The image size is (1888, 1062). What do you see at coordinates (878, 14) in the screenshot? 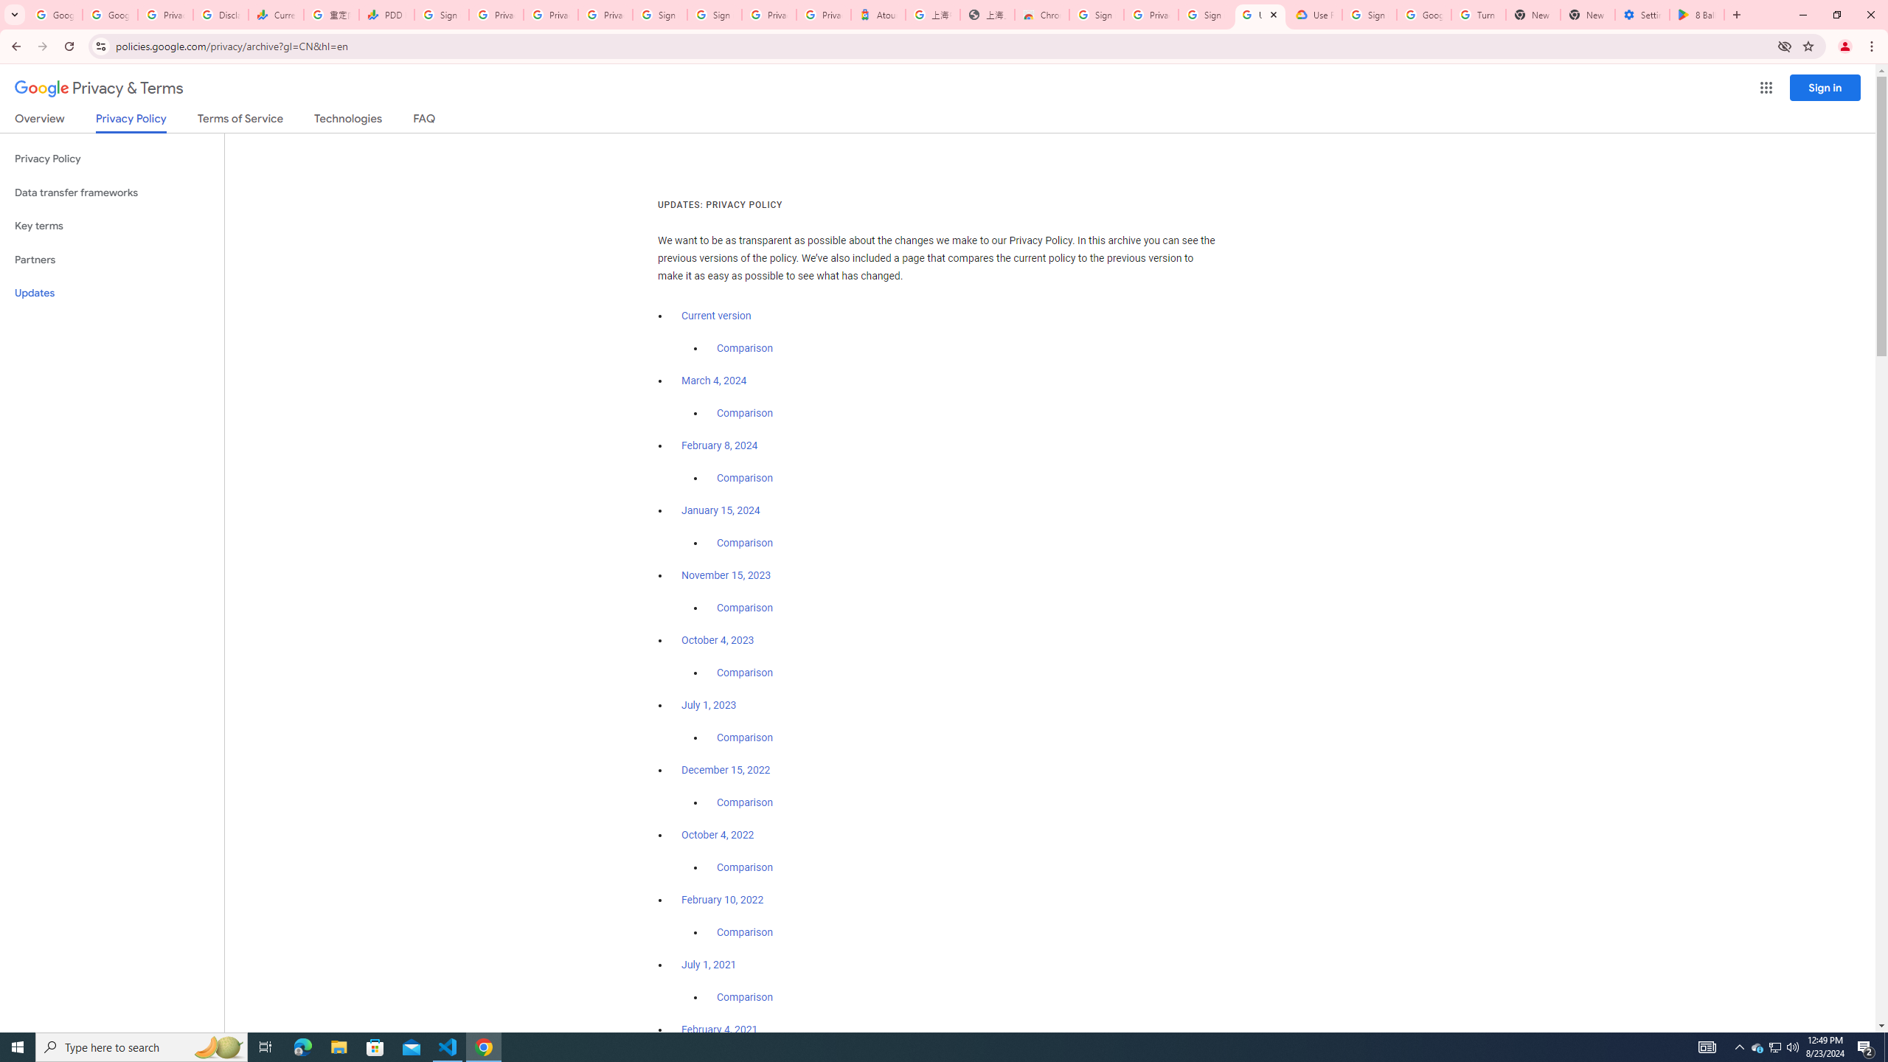
I see `'Atour Hotel - Google hotels'` at bounding box center [878, 14].